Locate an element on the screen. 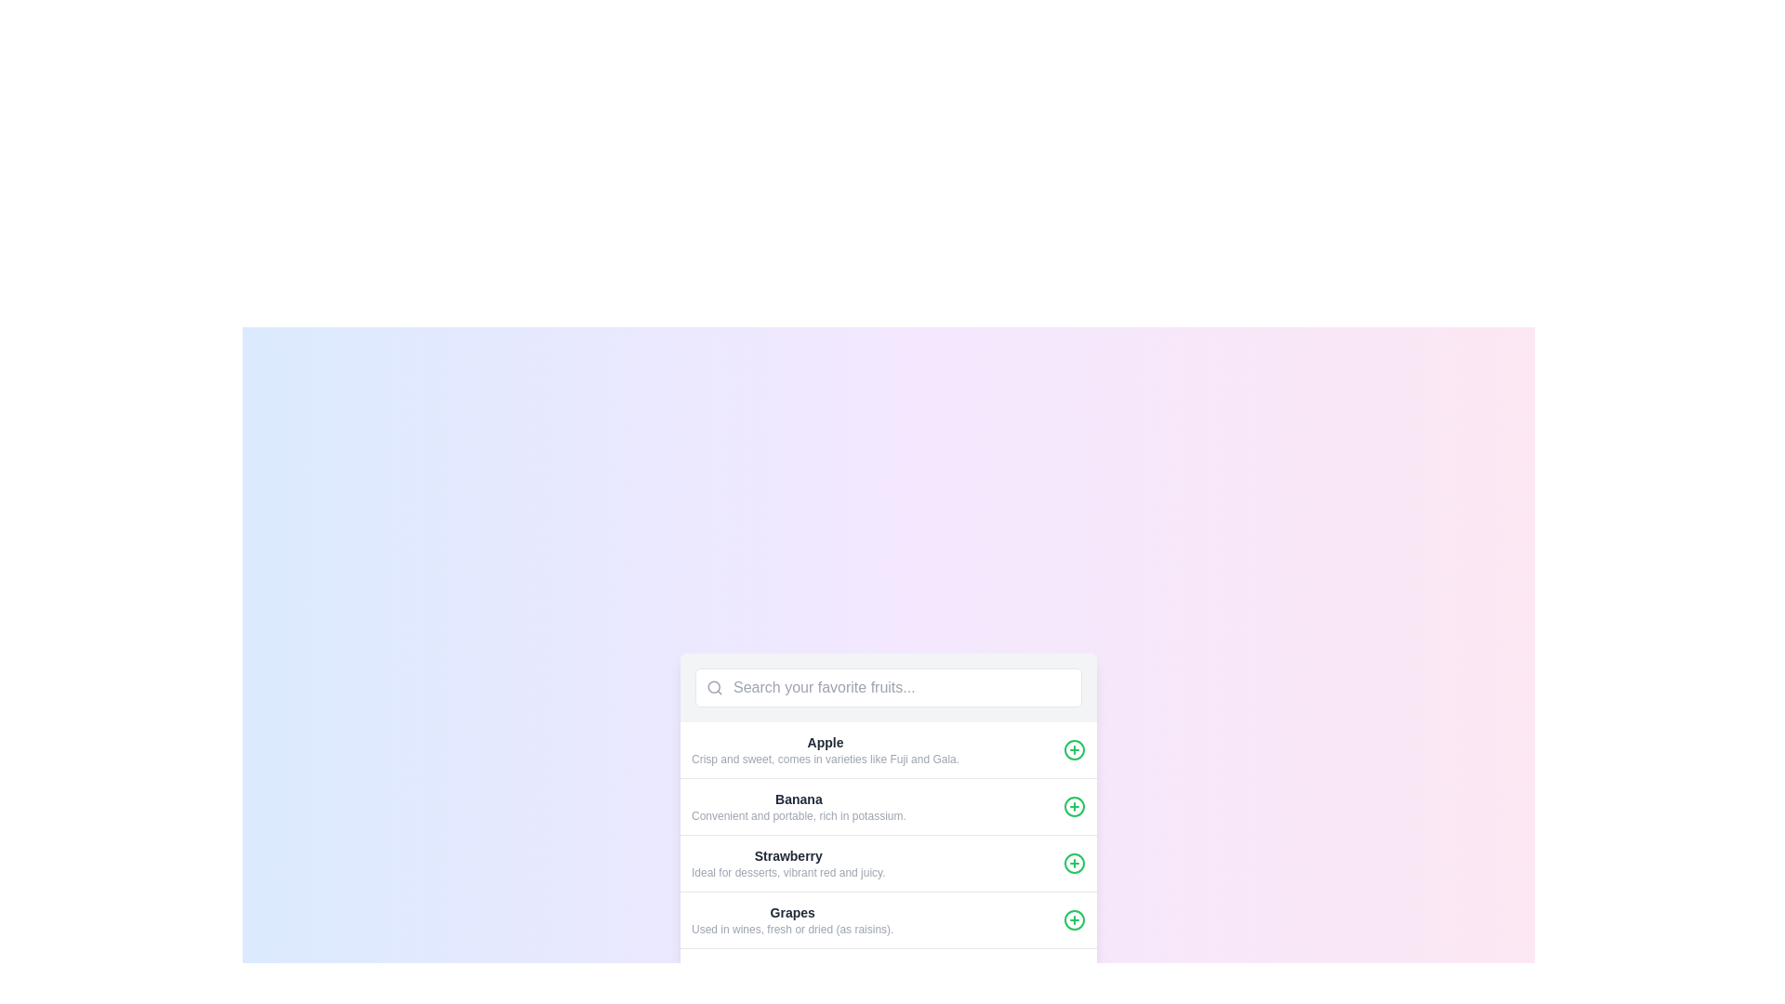 The height and width of the screenshot is (1004, 1785). the circular green-bordered button with a plus symbol to initiate the 'add' action, positioned to the right of the 'Strawberry' text description is located at coordinates (1075, 864).